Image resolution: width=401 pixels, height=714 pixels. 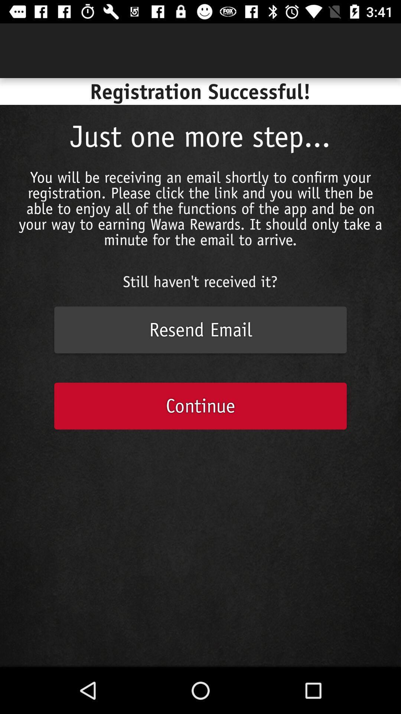 What do you see at coordinates (200, 329) in the screenshot?
I see `the icon below the still haven t icon` at bounding box center [200, 329].